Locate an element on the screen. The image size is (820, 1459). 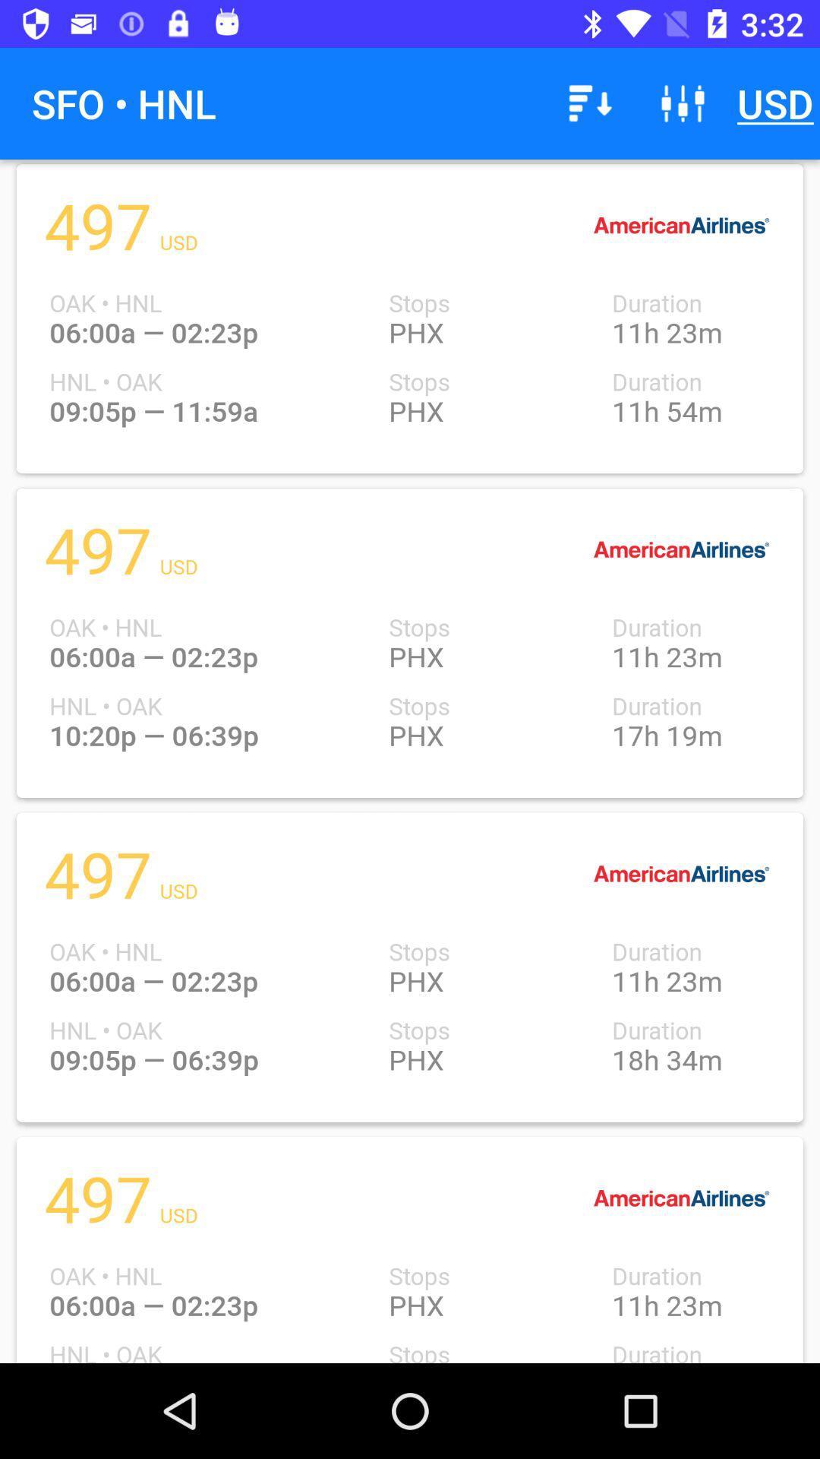
icon next to the usd is located at coordinates (682, 103).